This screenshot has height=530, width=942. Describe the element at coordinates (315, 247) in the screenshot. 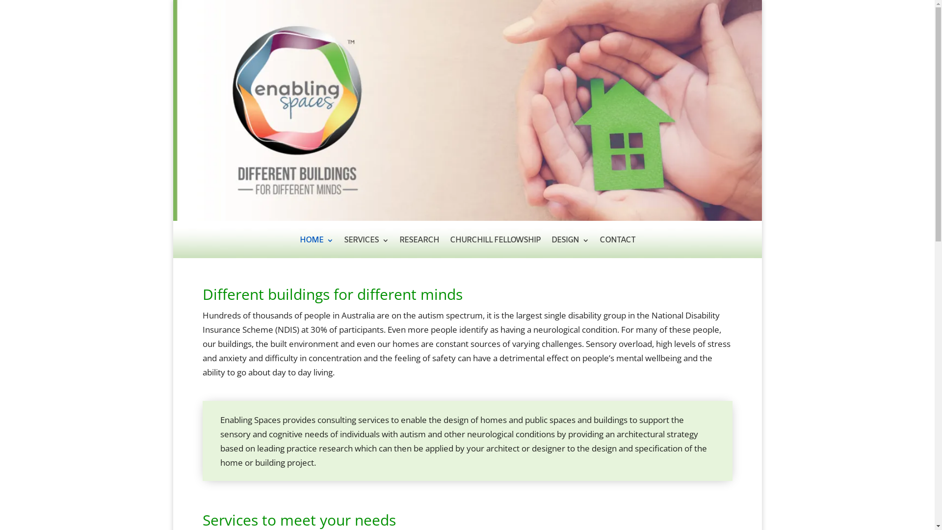

I see `'HOME'` at that location.